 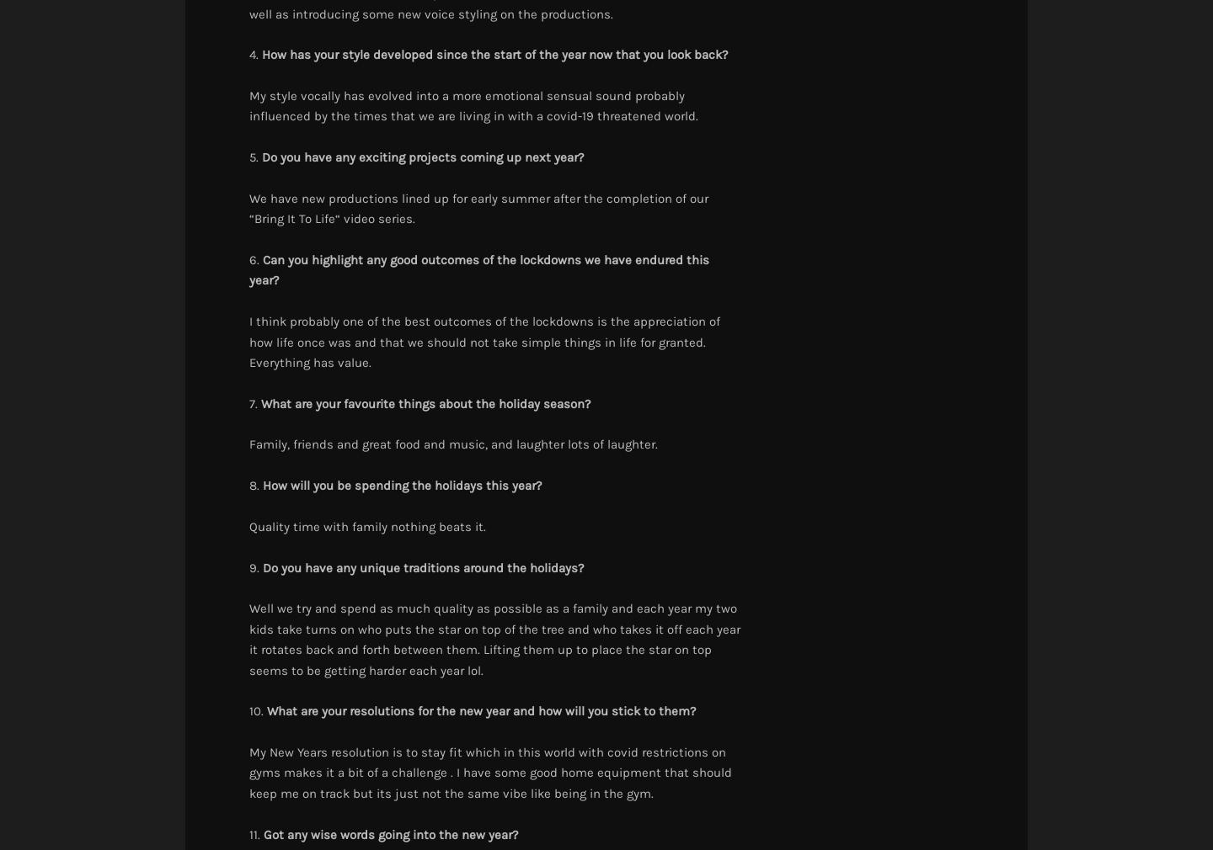 I want to click on '4.', so click(x=248, y=54).